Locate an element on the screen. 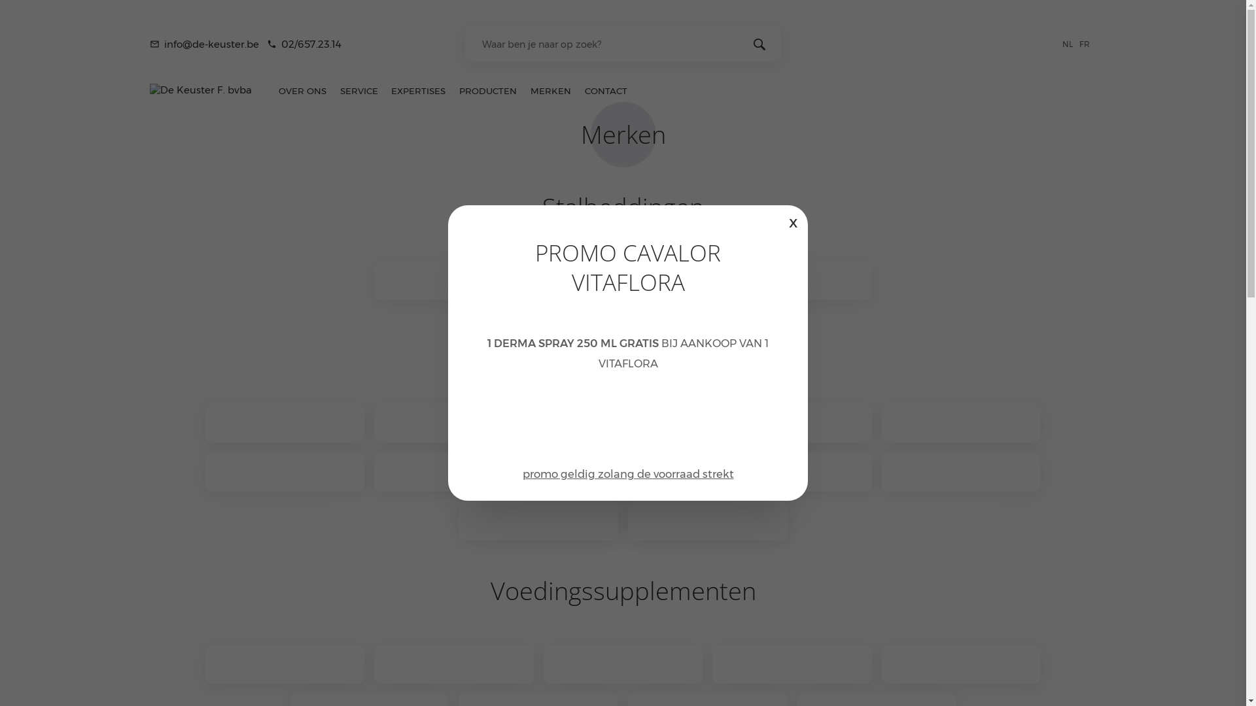 The height and width of the screenshot is (706, 1256). 'OVER ONS' is located at coordinates (301, 90).